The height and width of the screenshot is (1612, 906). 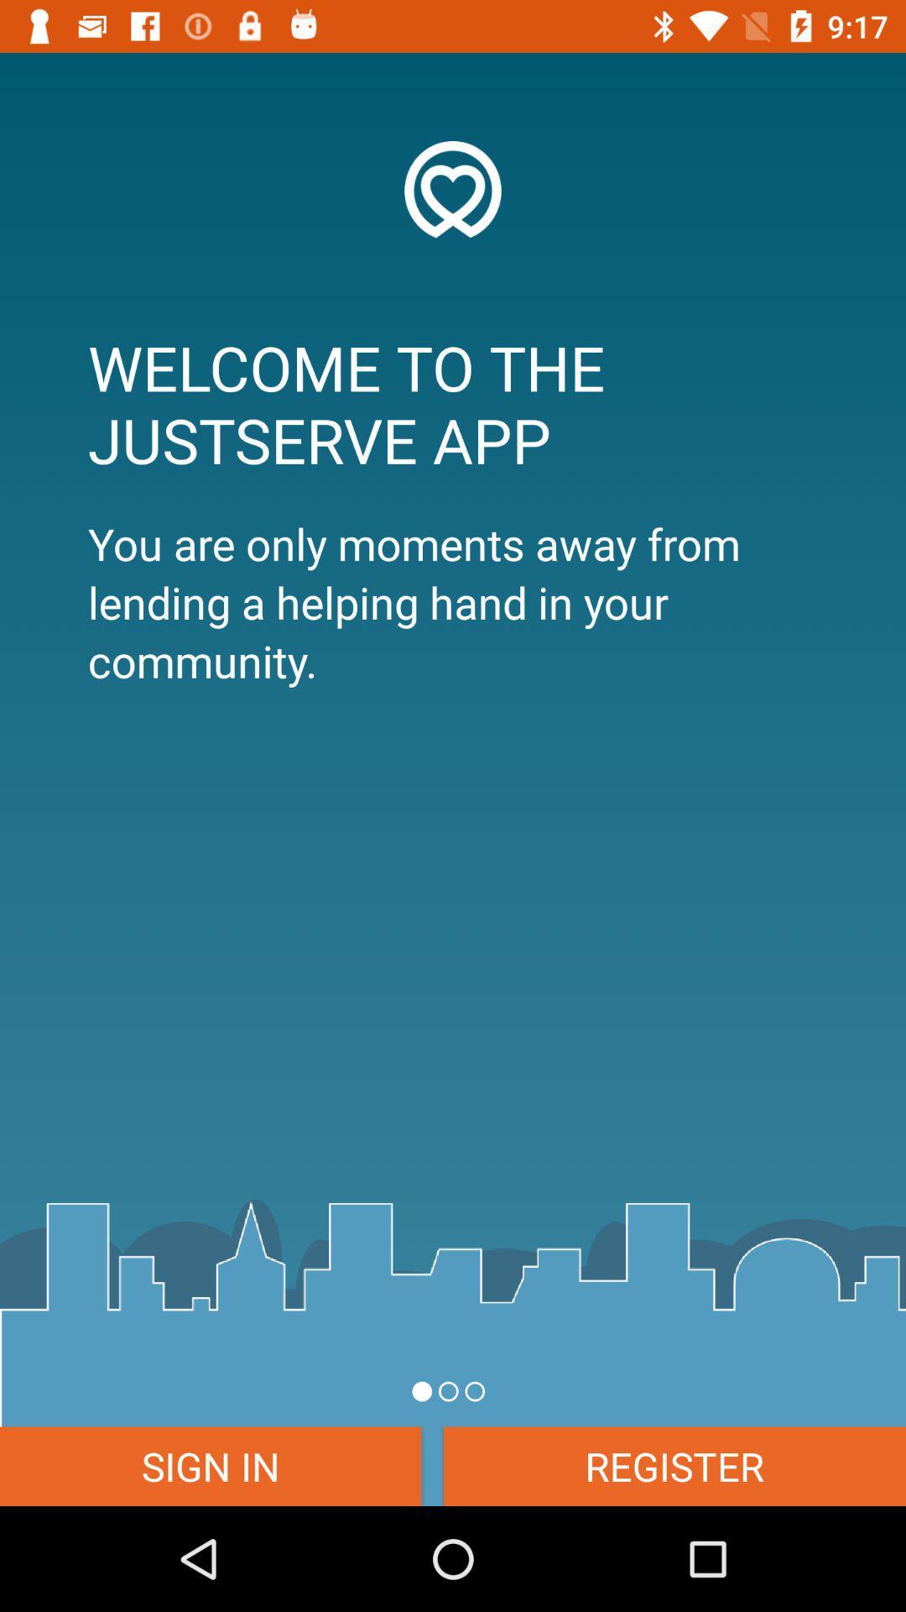 I want to click on register icon, so click(x=674, y=1465).